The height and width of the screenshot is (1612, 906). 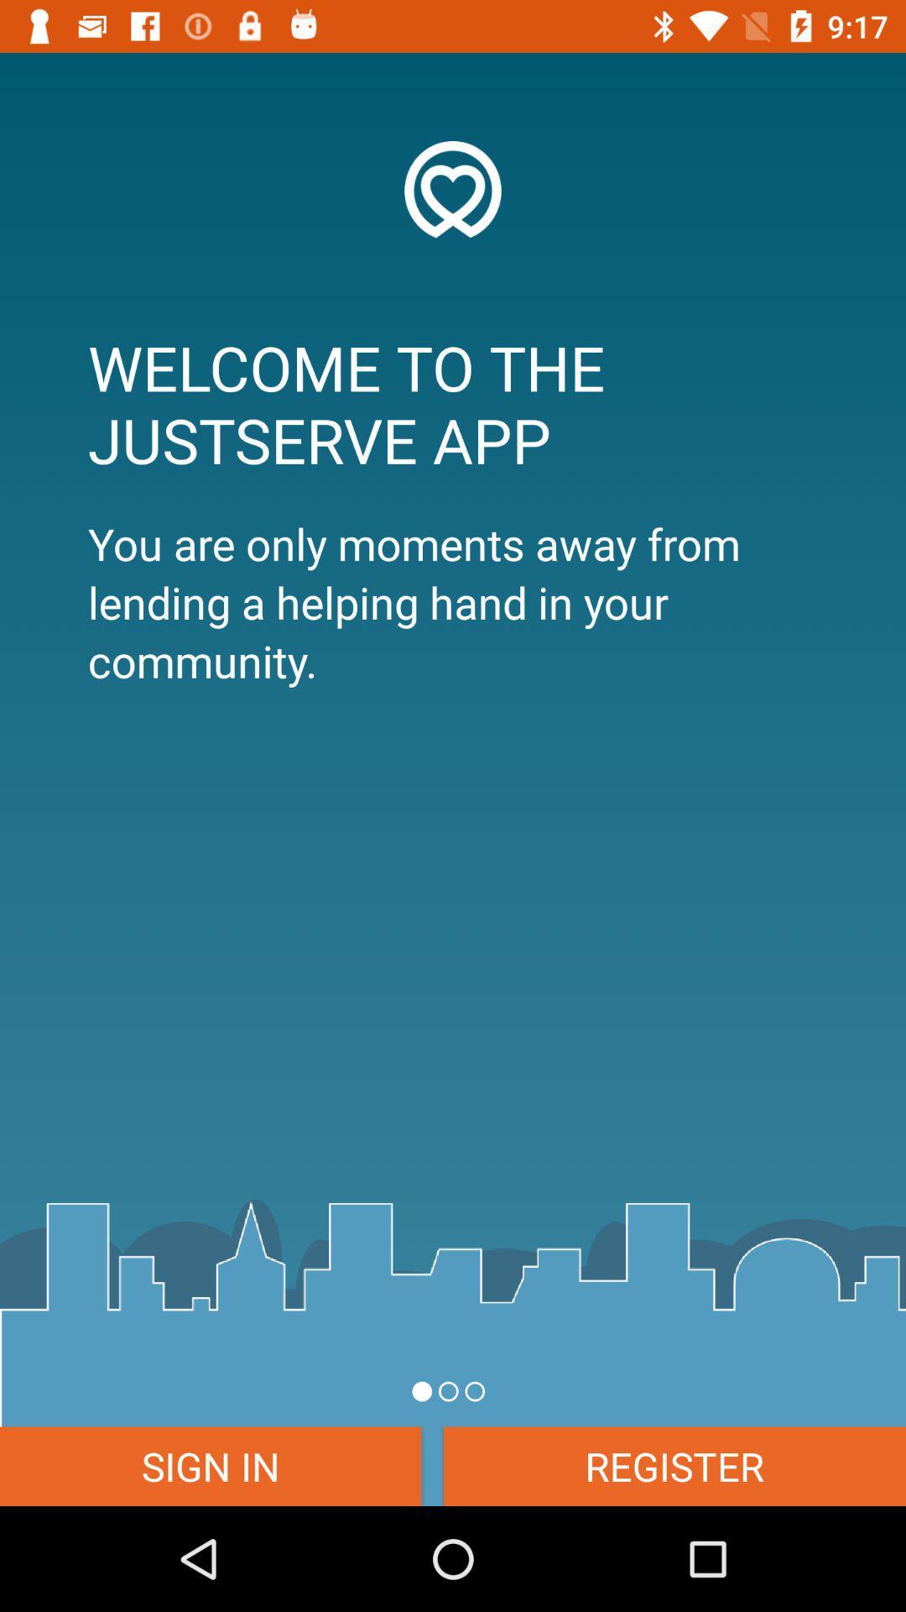 I want to click on register icon, so click(x=674, y=1465).